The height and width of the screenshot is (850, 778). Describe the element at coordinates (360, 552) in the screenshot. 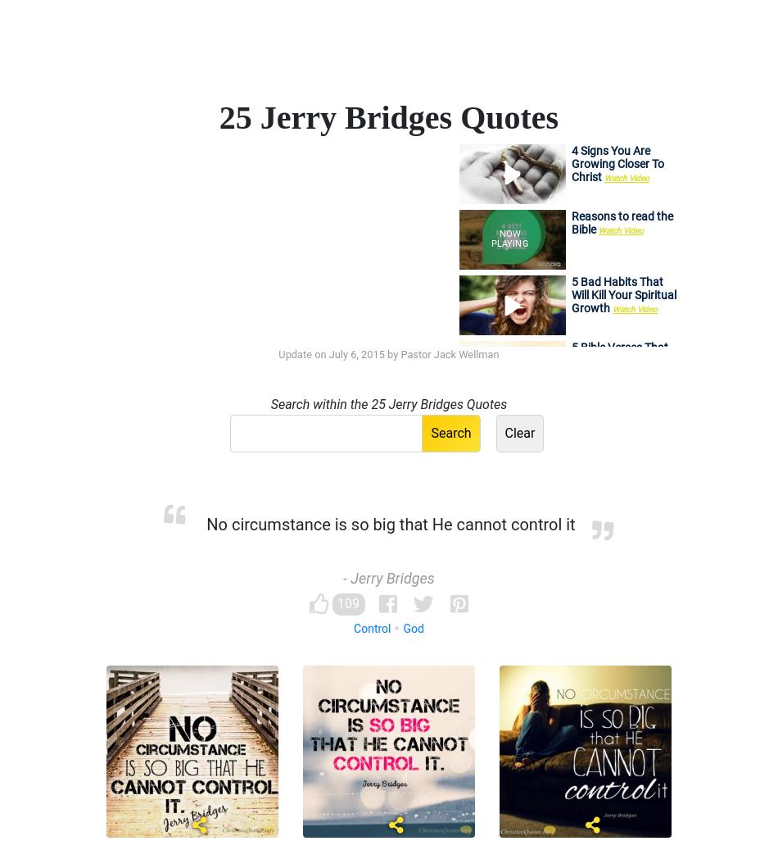

I see `'Bitterness'` at that location.